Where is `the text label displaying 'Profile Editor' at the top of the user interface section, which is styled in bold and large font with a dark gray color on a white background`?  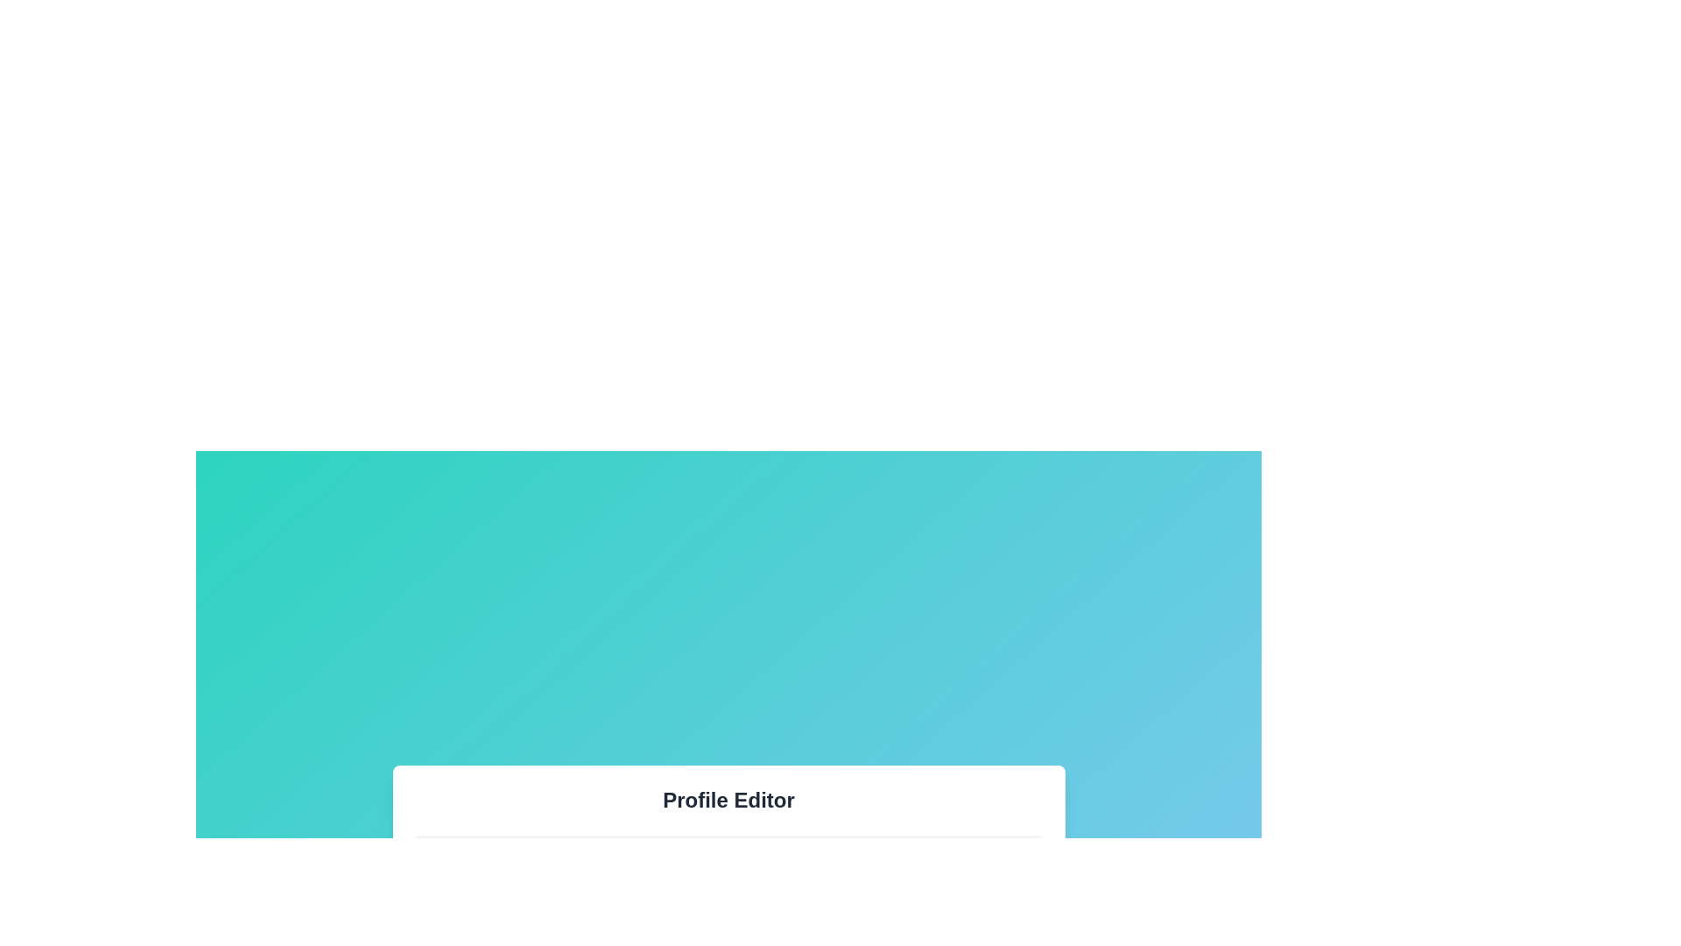
the text label displaying 'Profile Editor' at the top of the user interface section, which is styled in bold and large font with a dark gray color on a white background is located at coordinates (728, 801).